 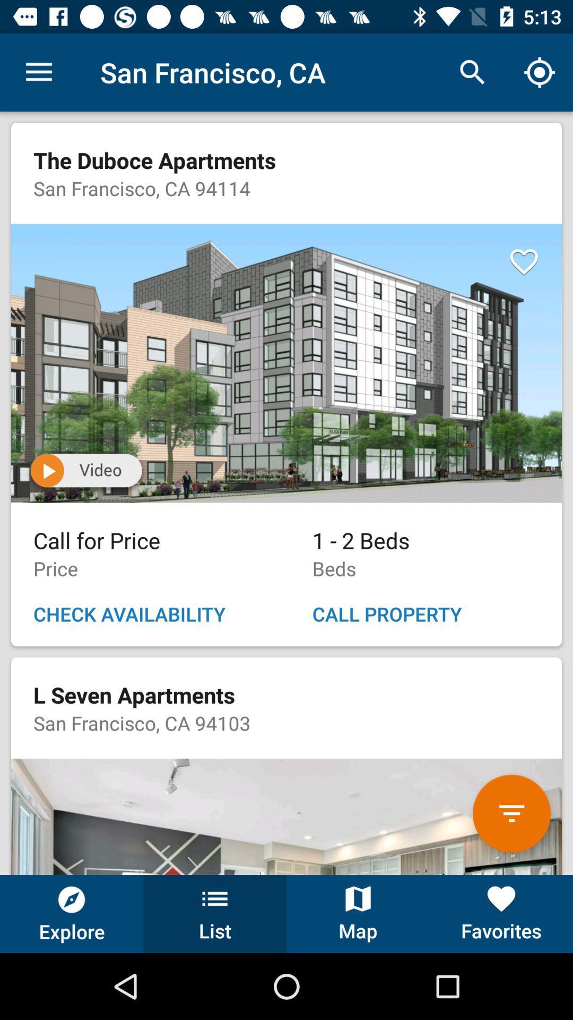 What do you see at coordinates (511, 813) in the screenshot?
I see `the filter_list icon` at bounding box center [511, 813].